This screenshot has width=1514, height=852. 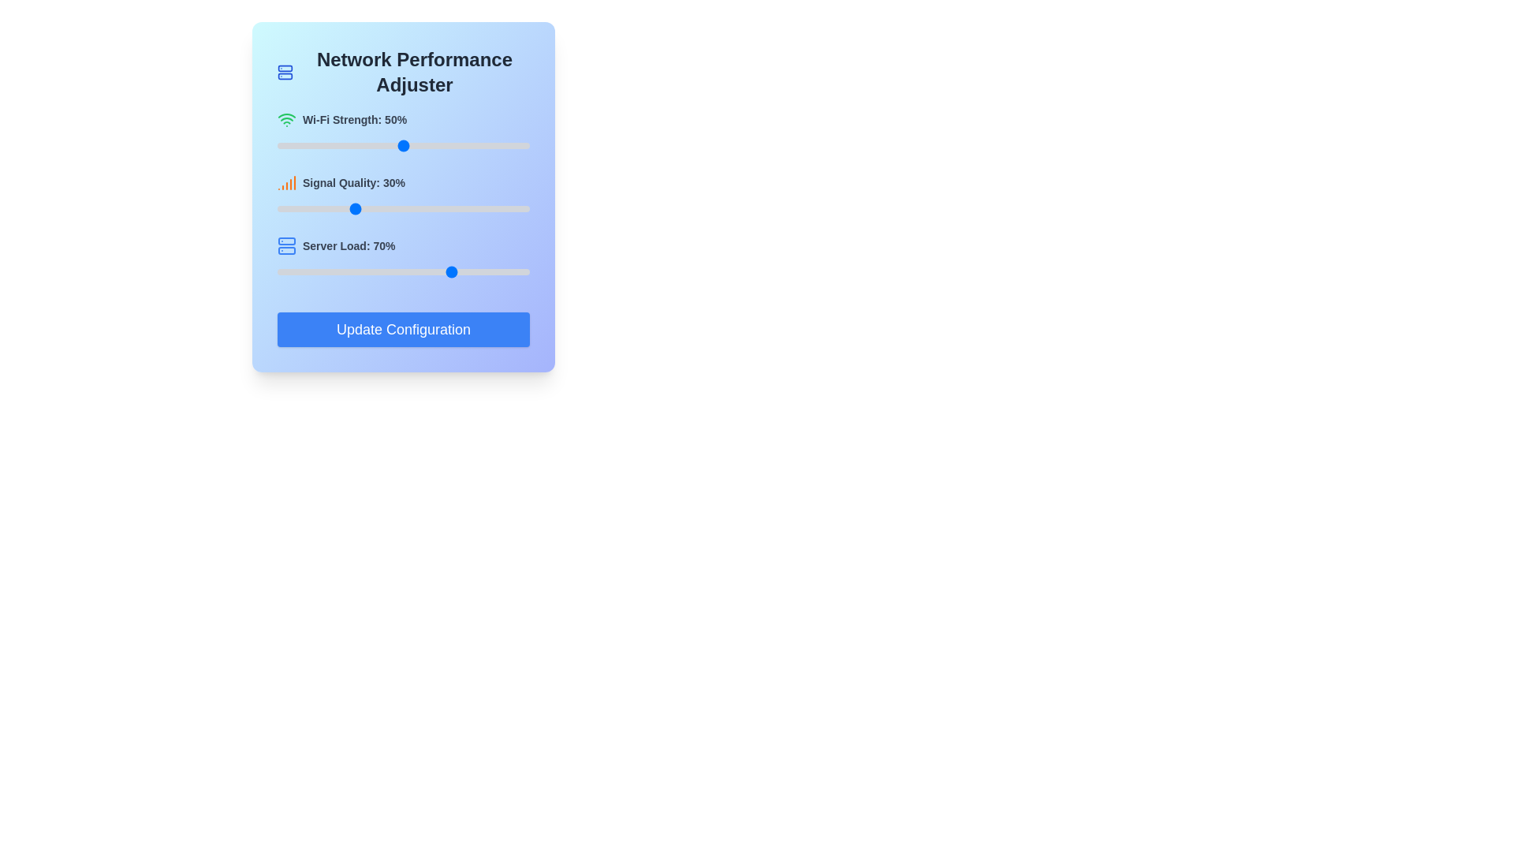 What do you see at coordinates (290, 208) in the screenshot?
I see `signal quality` at bounding box center [290, 208].